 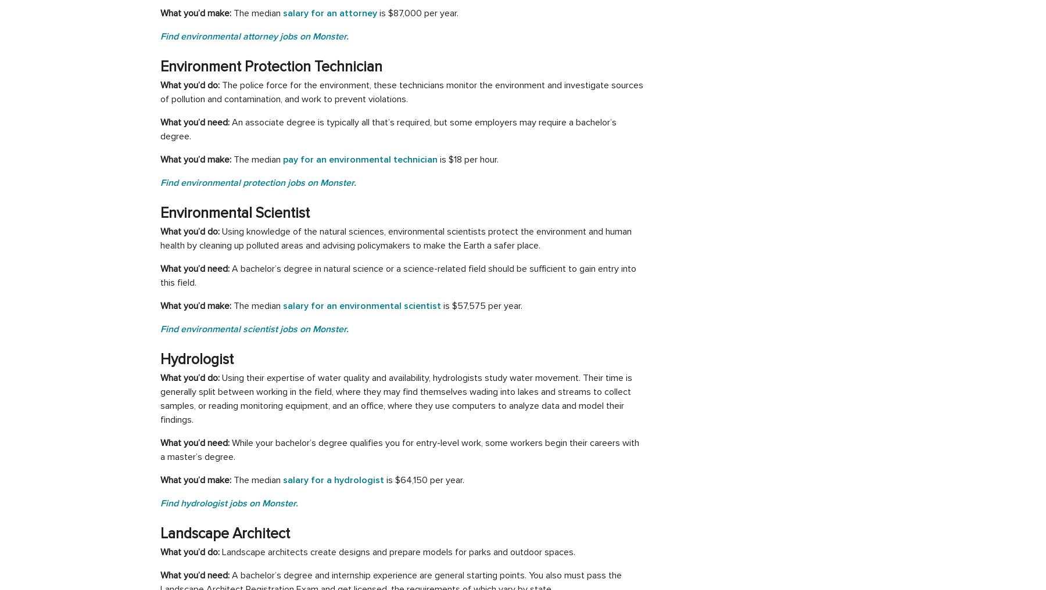 I want to click on 'Find environmental scientist jobs on Monster.', so click(x=254, y=329).